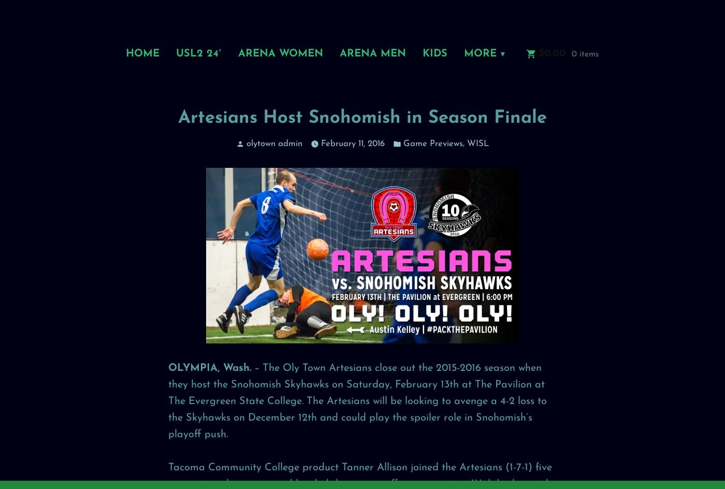  I want to click on '$', so click(541, 52).